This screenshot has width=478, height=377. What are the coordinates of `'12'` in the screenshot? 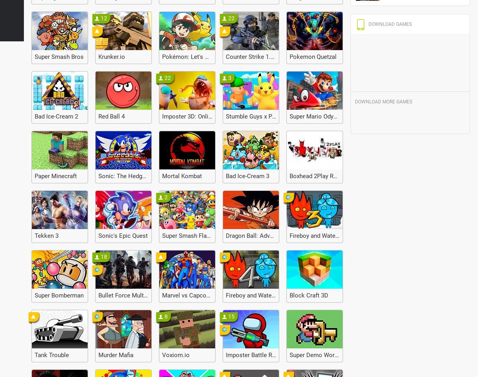 It's located at (104, 18).